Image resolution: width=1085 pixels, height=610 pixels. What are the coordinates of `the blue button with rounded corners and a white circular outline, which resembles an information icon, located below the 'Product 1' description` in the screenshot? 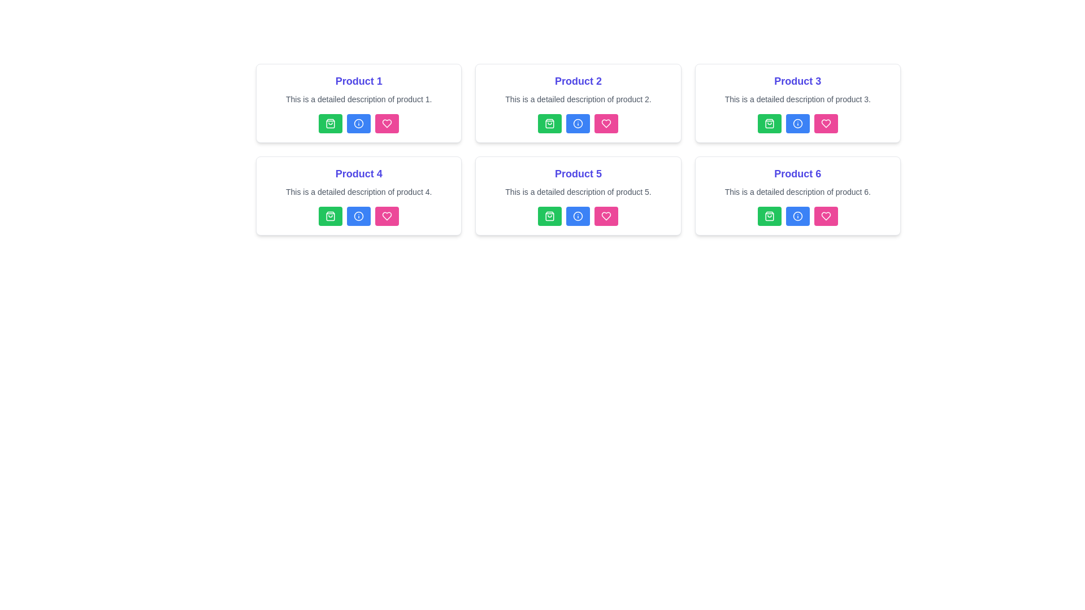 It's located at (358, 124).